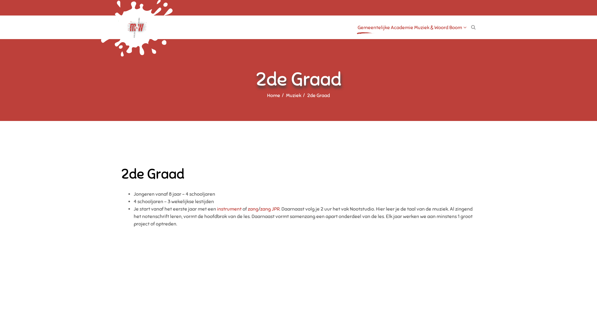  I want to click on 'Gemeentelijke Academie Muziek & Woord Boom', so click(358, 27).